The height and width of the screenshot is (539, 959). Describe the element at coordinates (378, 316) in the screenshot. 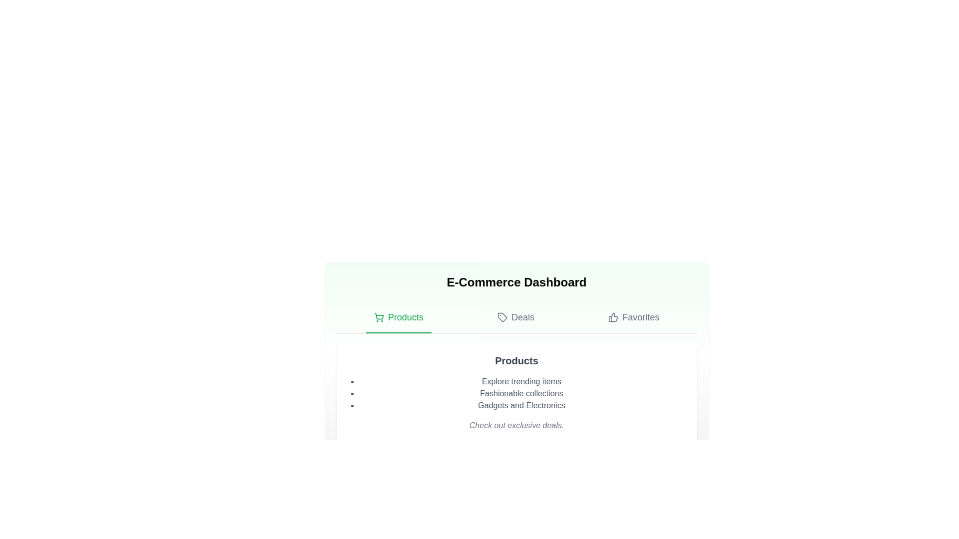

I see `the green outlined shopping cart icon located in the leftmost option of the top navigation bar, which is associated with the 'Products' label` at that location.